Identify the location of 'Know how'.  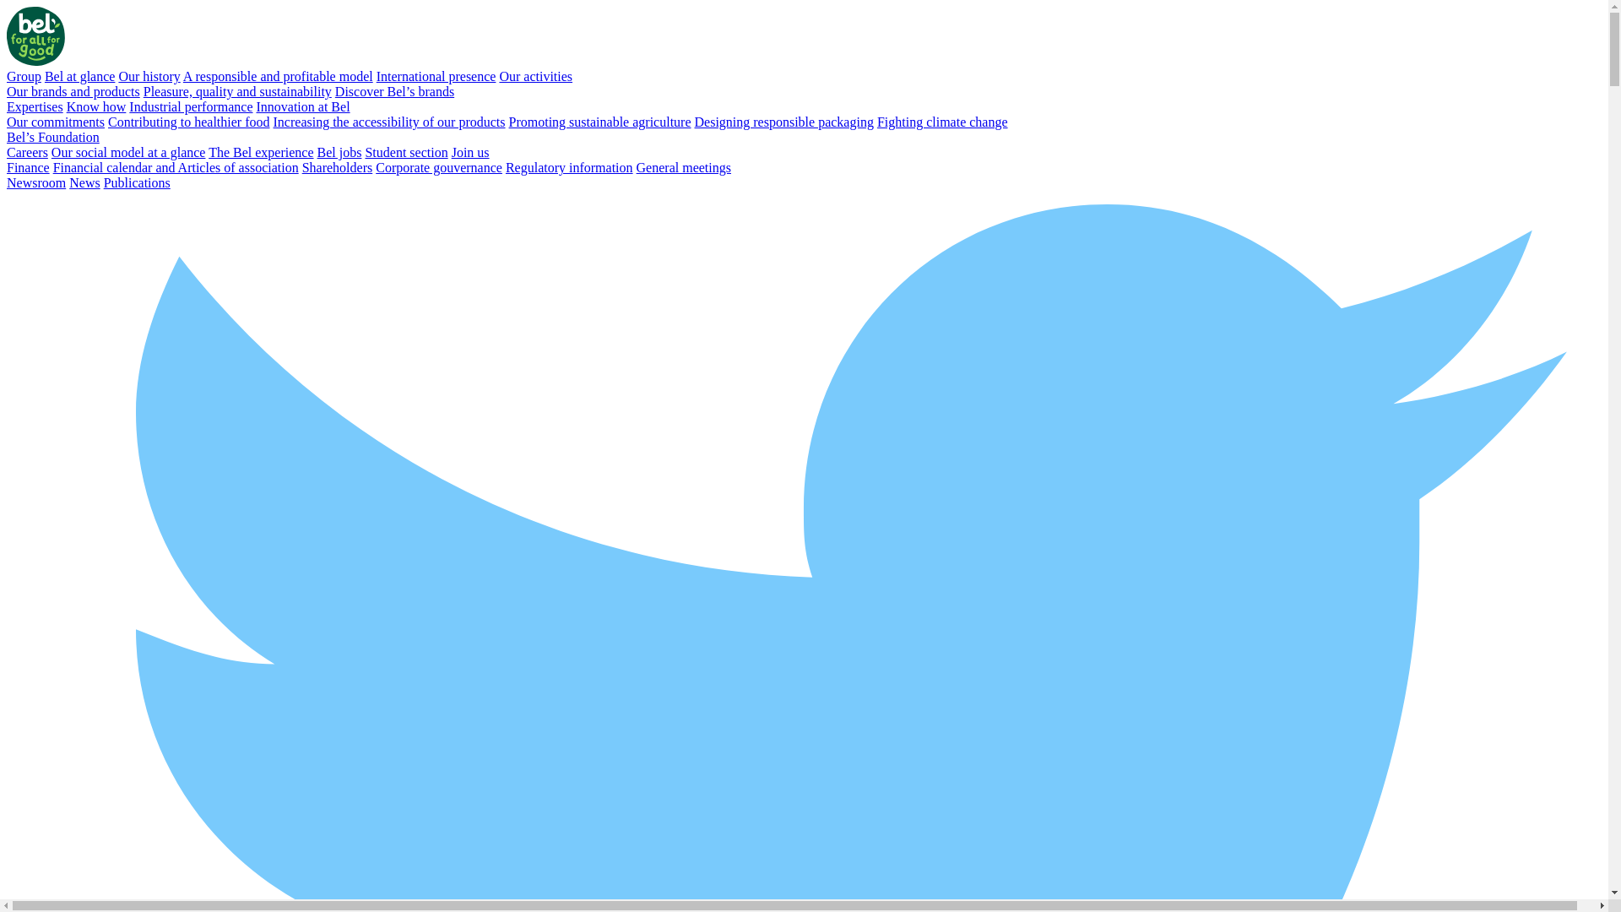
(95, 106).